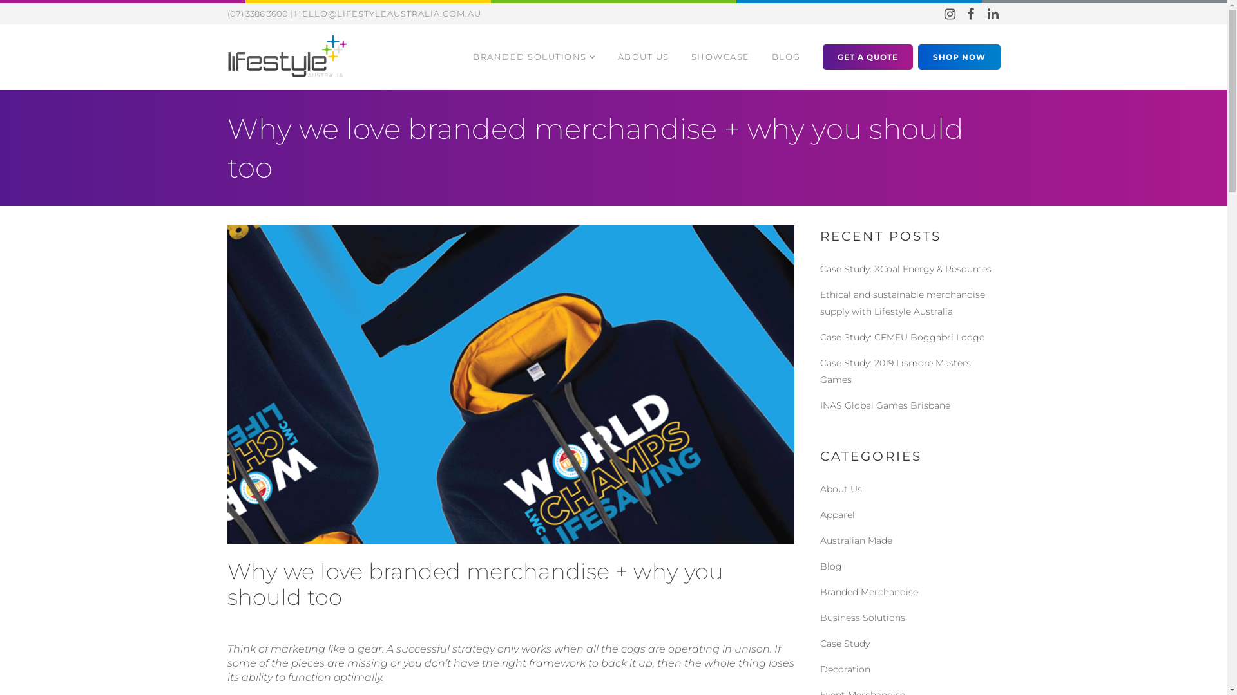 The height and width of the screenshot is (695, 1237). What do you see at coordinates (905, 268) in the screenshot?
I see `'Case Study: XCoal Energy & Resources'` at bounding box center [905, 268].